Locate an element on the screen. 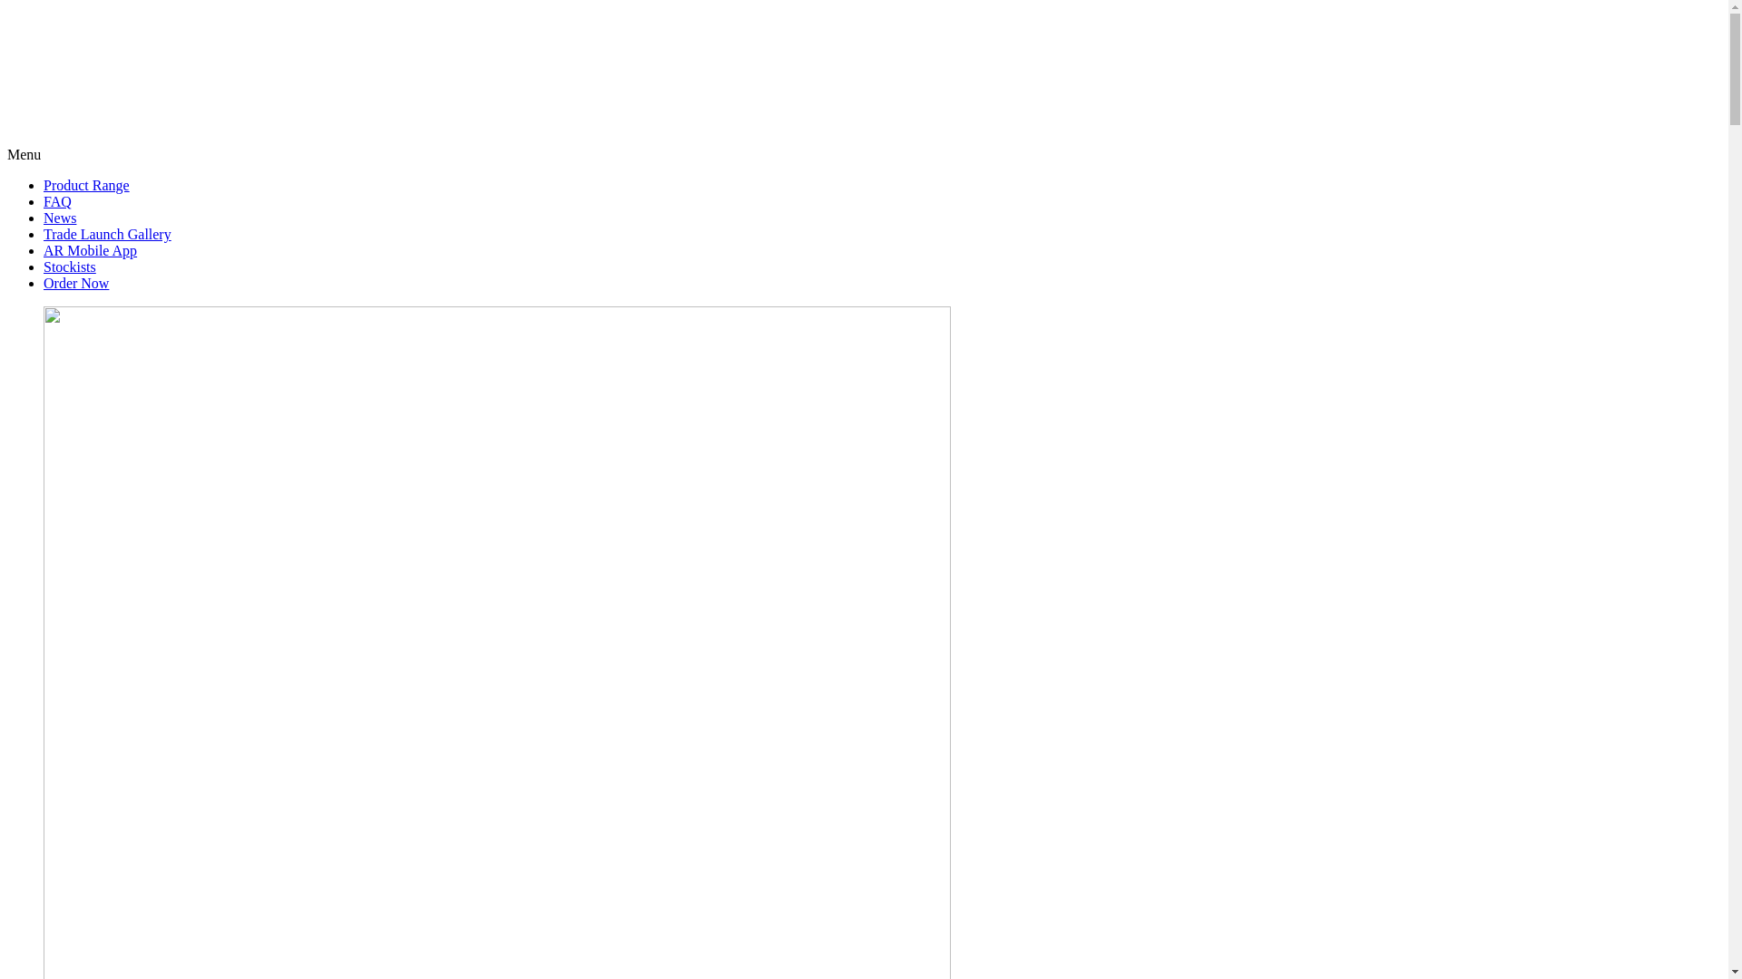 Image resolution: width=1742 pixels, height=979 pixels. 'FAQ' is located at coordinates (57, 201).